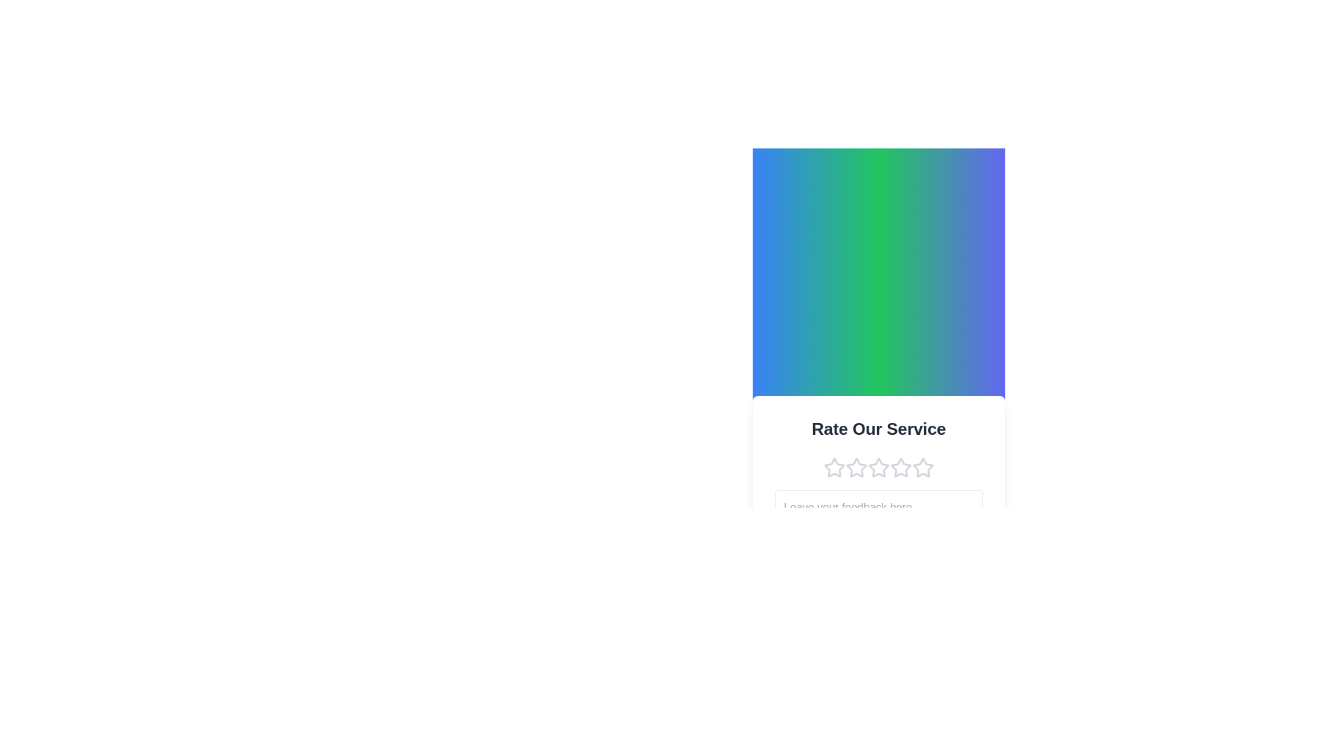 This screenshot has width=1332, height=749. Describe the element at coordinates (834, 467) in the screenshot. I see `the first star-shaped icon in the star rating component located below the 'Rate Our Service' text` at that location.